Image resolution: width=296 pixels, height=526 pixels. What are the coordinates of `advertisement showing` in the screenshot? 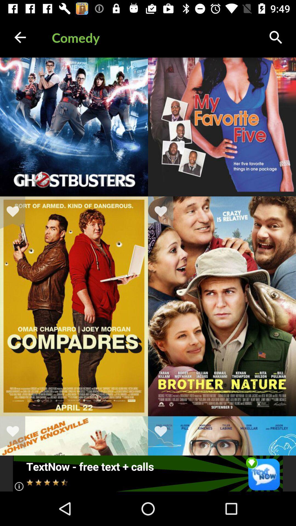 It's located at (147, 473).